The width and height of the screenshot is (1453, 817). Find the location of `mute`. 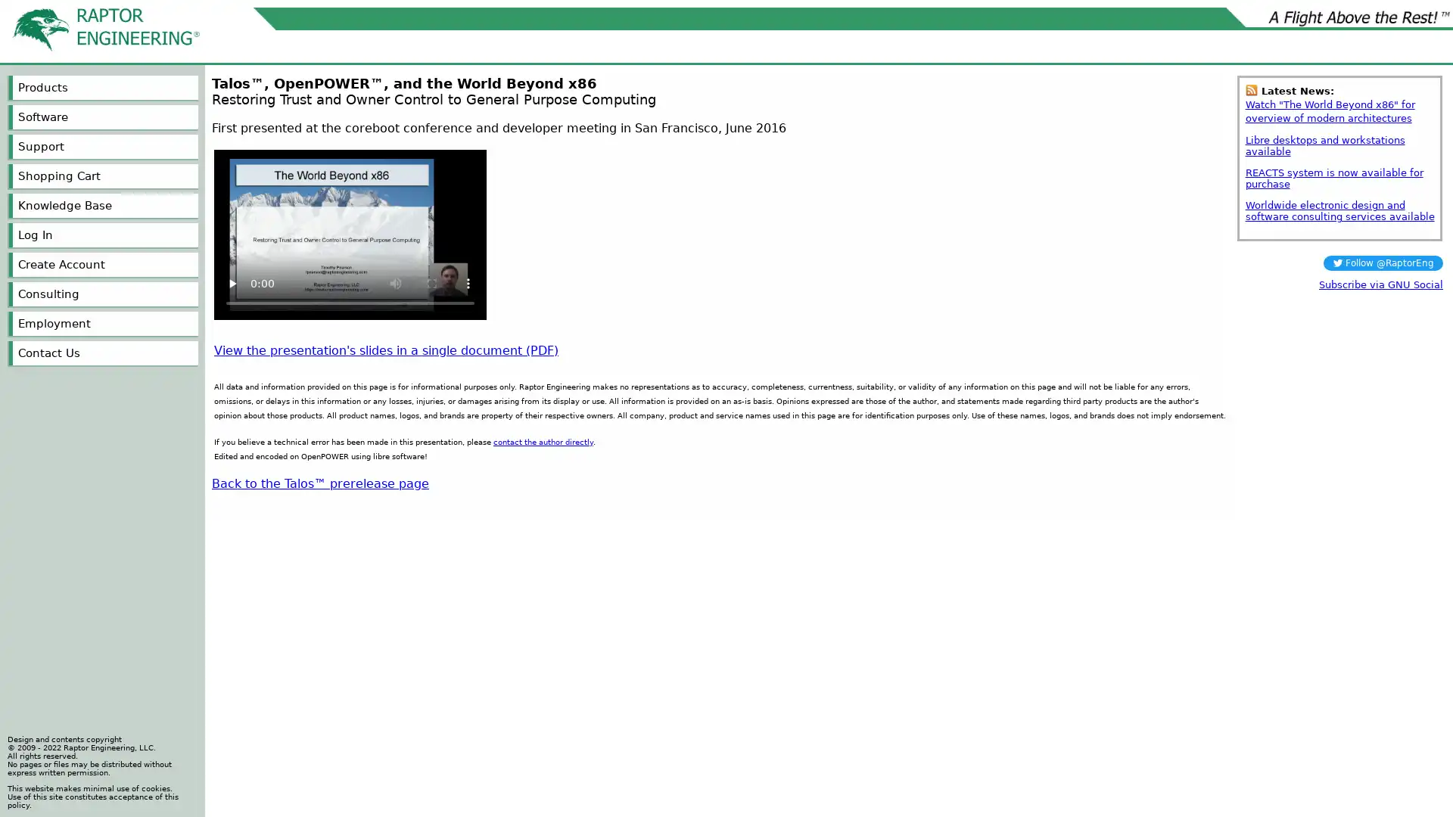

mute is located at coordinates (396, 283).